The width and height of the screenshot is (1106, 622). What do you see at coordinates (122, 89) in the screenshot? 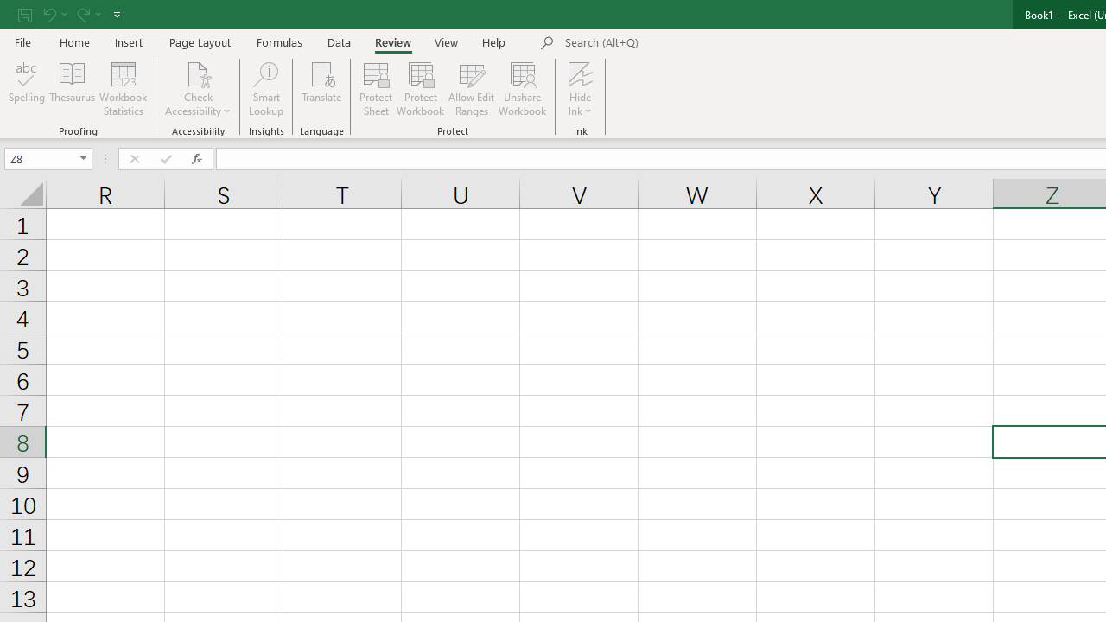
I see `'Workbook Statistics'` at bounding box center [122, 89].